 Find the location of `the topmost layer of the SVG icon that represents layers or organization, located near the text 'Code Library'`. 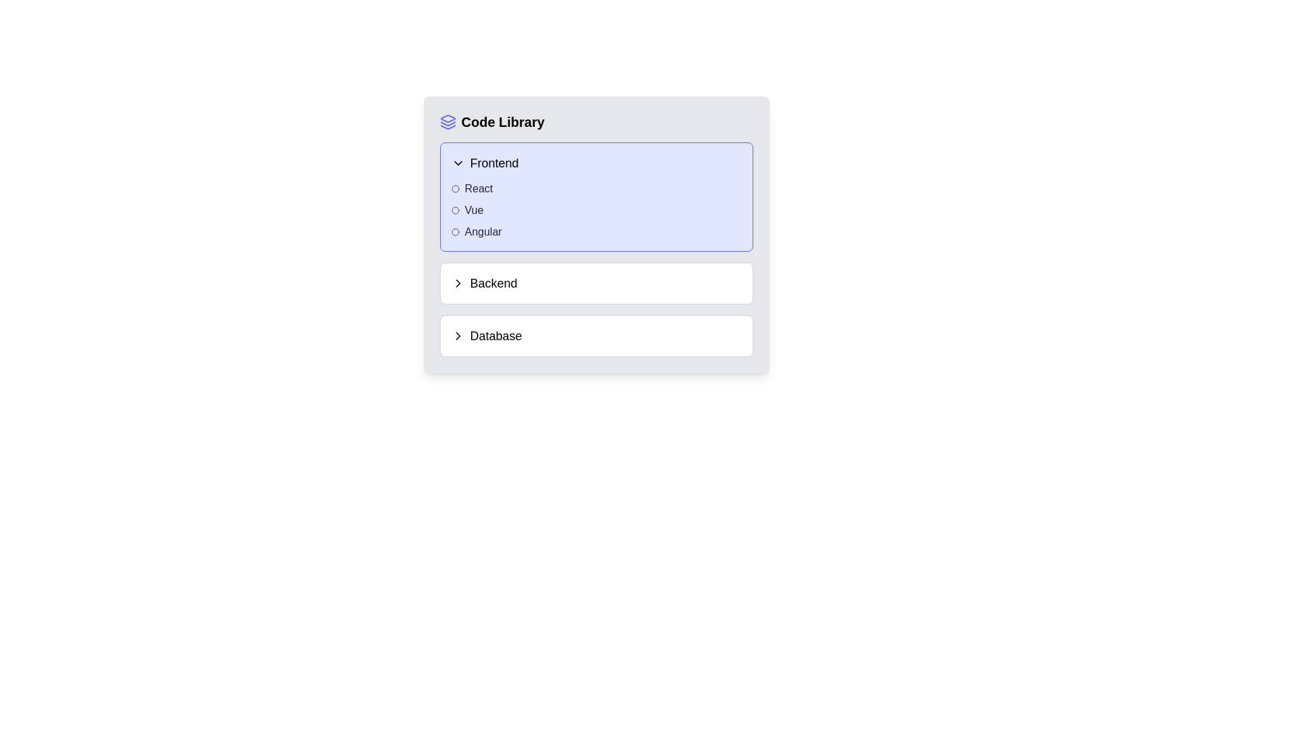

the topmost layer of the SVG icon that represents layers or organization, located near the text 'Code Library' is located at coordinates (448, 118).